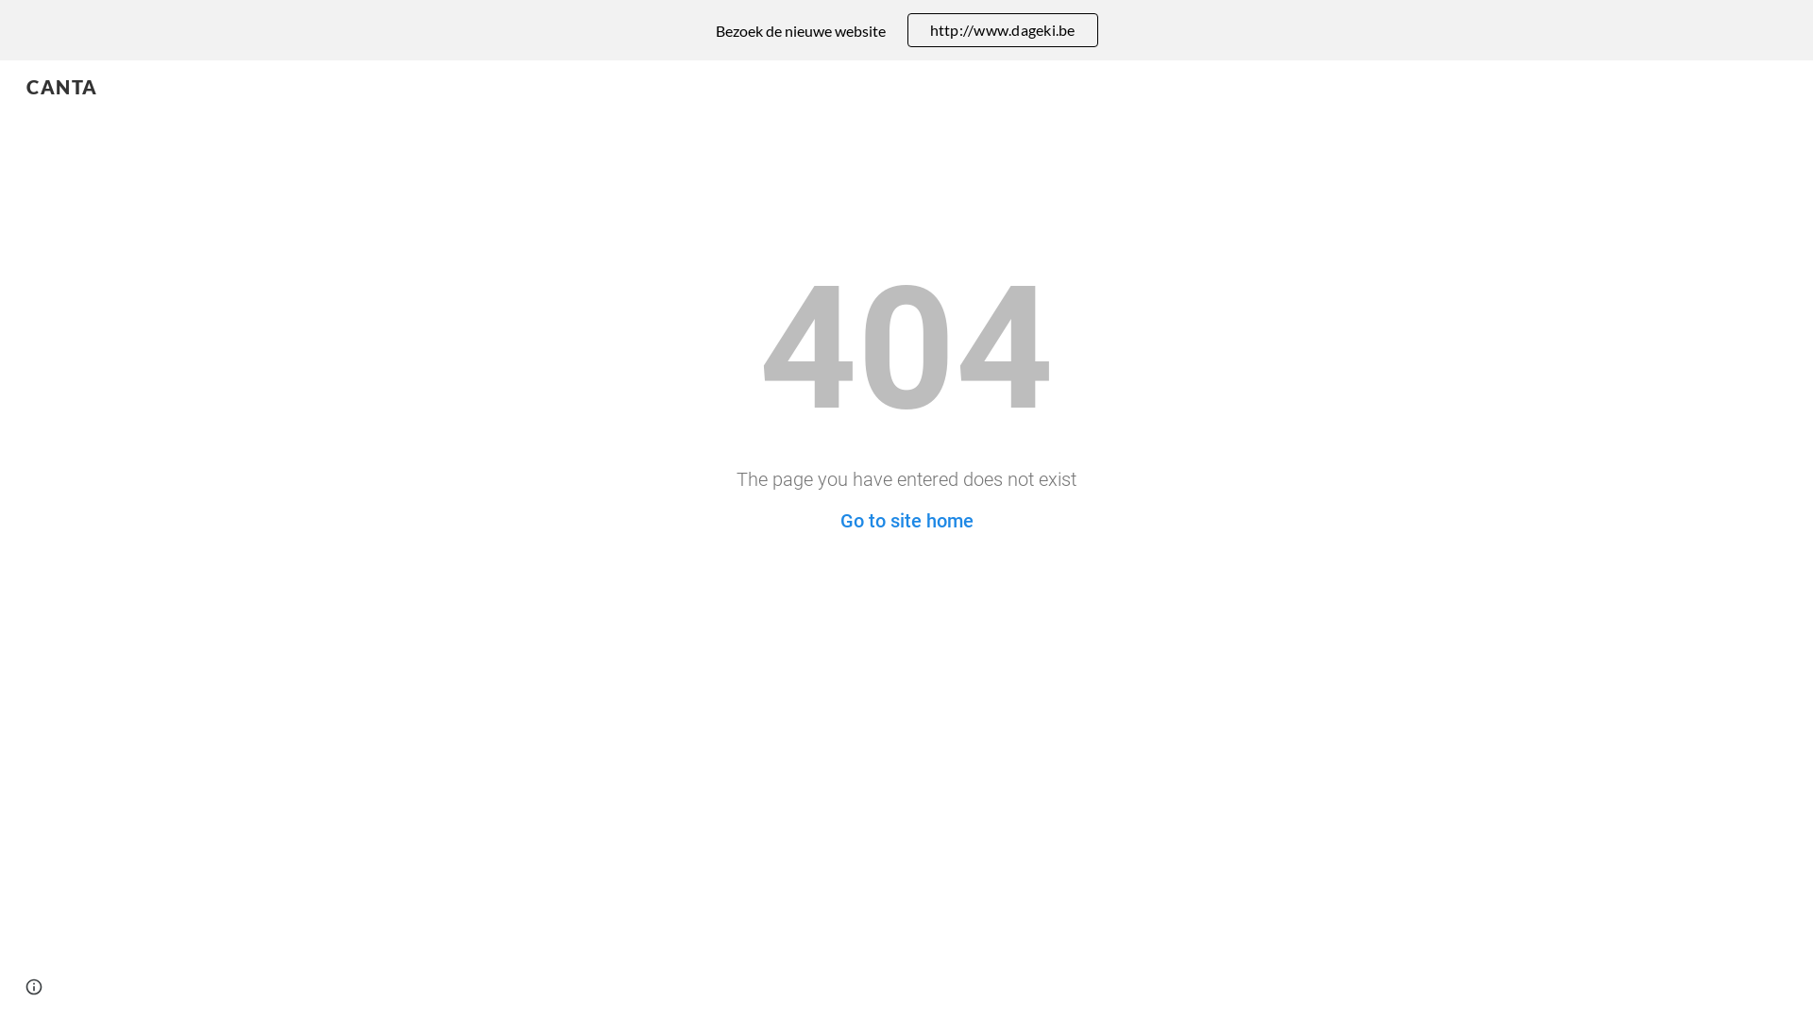  What do you see at coordinates (62, 82) in the screenshot?
I see `'CANTA'` at bounding box center [62, 82].